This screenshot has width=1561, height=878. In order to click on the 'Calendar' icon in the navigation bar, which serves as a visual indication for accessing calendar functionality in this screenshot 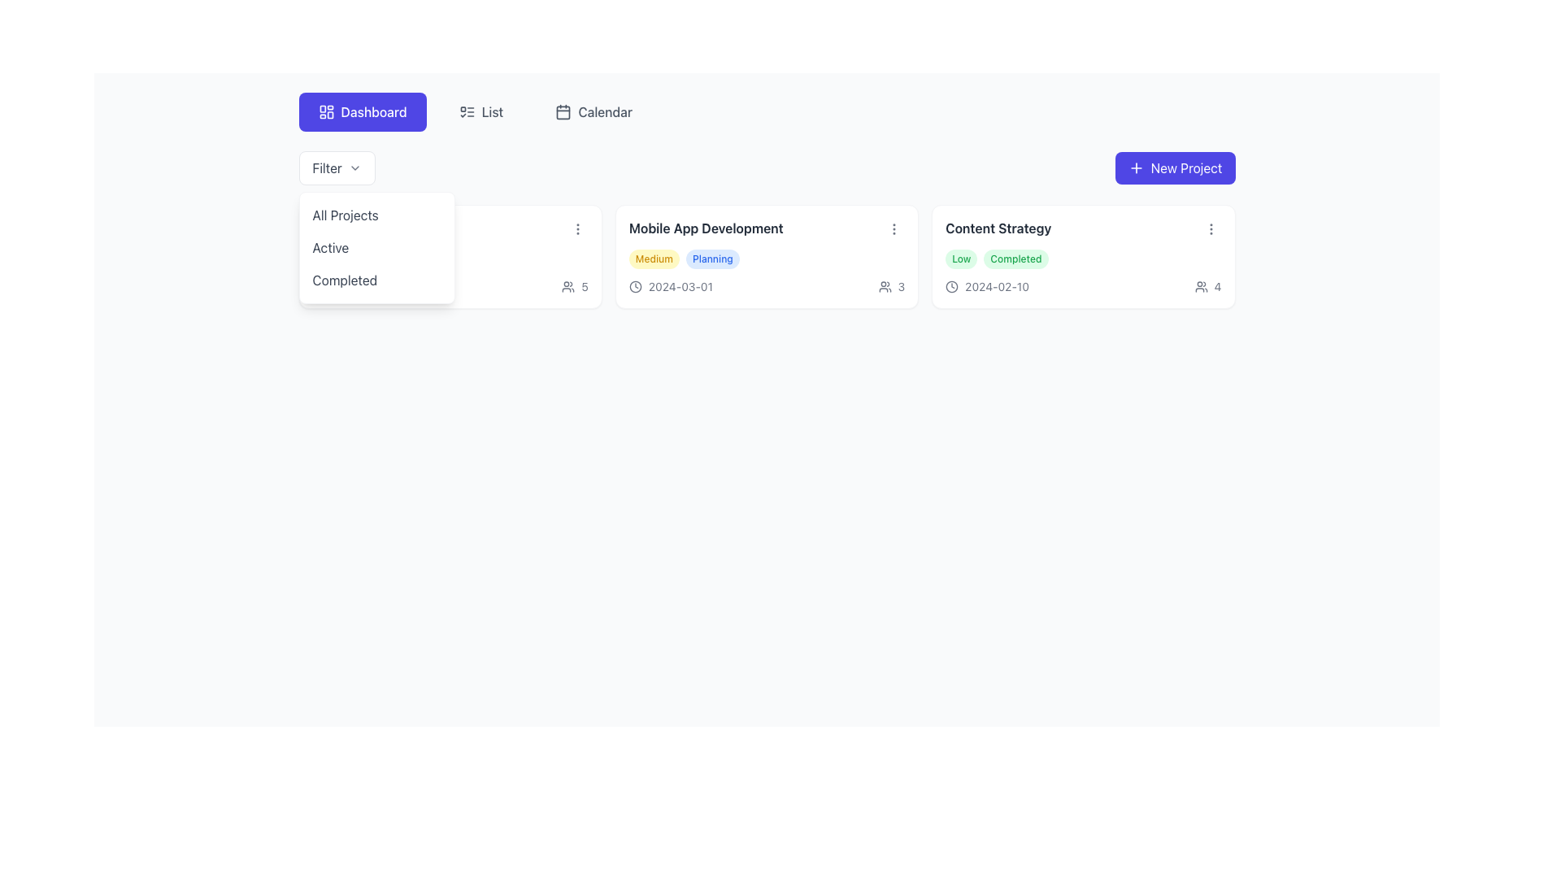, I will do `click(563, 111)`.